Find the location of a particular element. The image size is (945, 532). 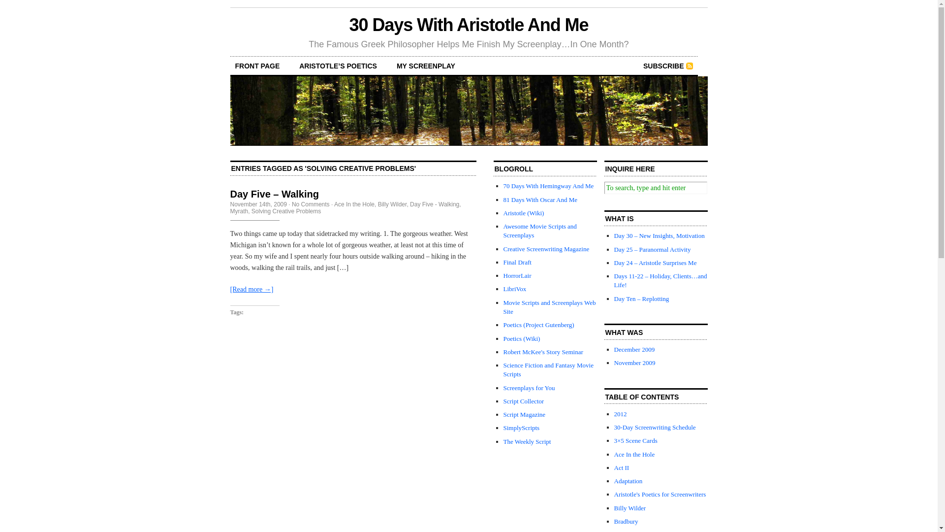

'HorrorLair' is located at coordinates (516, 275).